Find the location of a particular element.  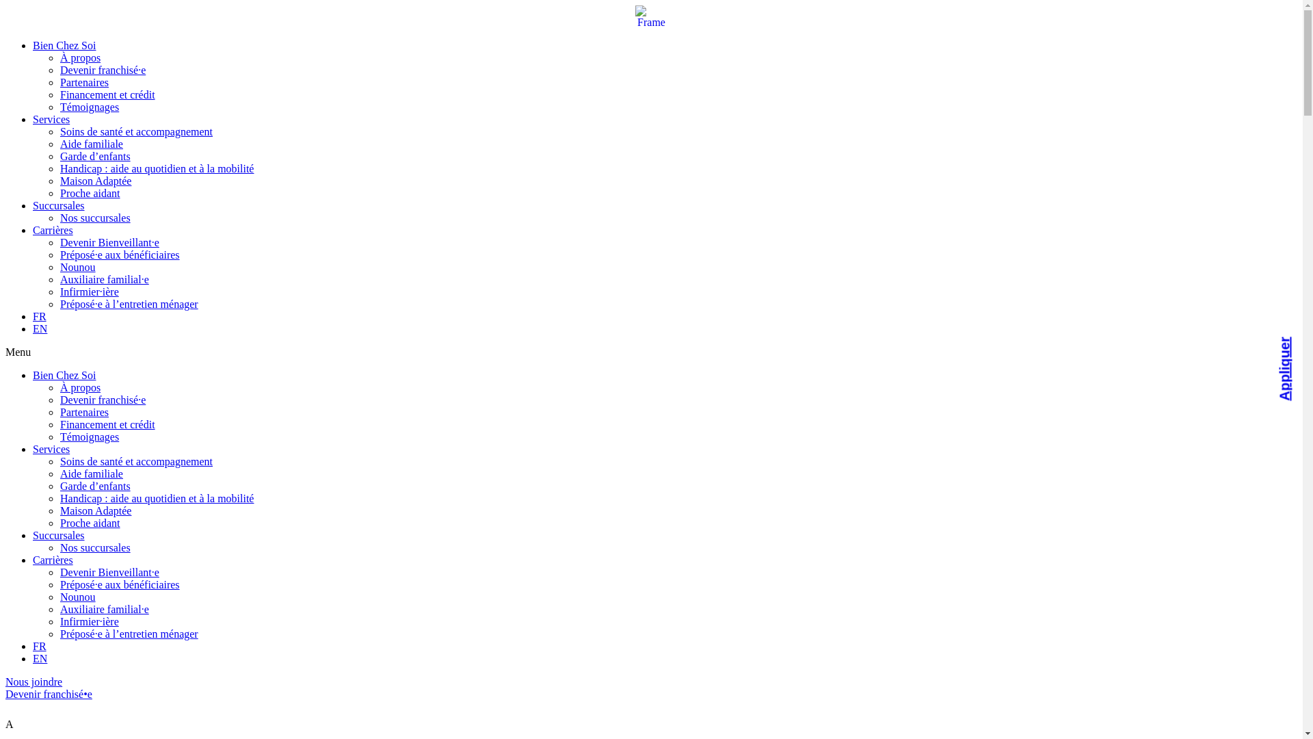

'Bien Chez Soi' is located at coordinates (64, 375).